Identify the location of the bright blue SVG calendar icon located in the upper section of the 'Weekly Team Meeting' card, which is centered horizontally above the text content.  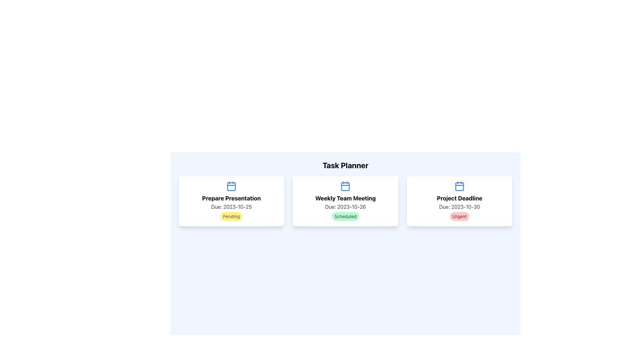
(345, 186).